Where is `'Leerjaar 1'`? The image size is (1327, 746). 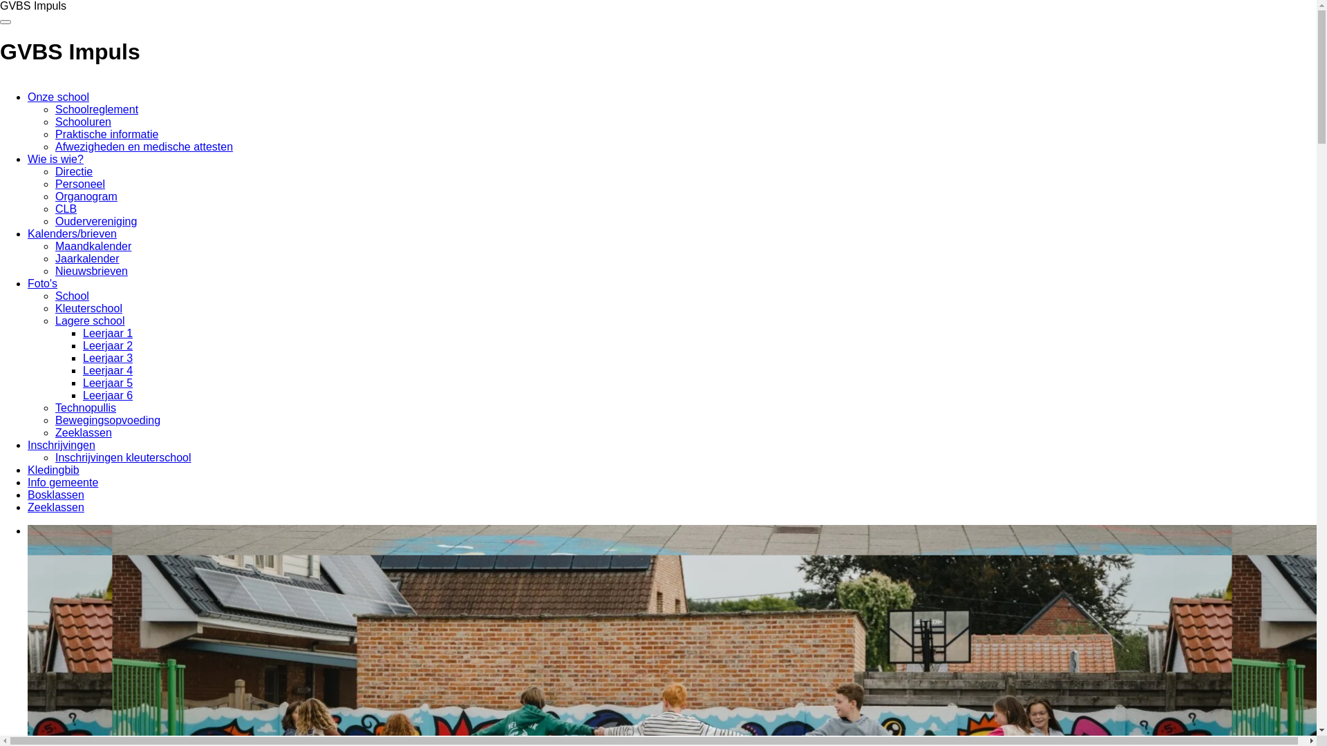 'Leerjaar 1' is located at coordinates (107, 333).